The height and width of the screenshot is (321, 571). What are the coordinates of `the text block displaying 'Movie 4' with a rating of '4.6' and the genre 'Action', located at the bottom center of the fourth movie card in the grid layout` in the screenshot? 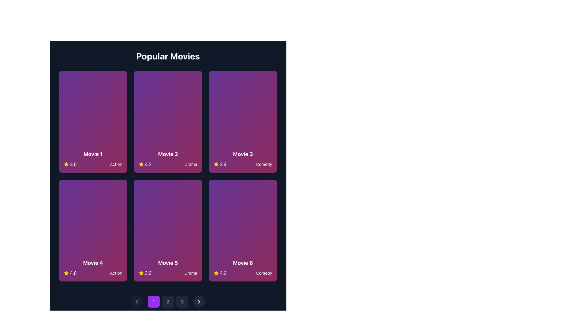 It's located at (92, 268).